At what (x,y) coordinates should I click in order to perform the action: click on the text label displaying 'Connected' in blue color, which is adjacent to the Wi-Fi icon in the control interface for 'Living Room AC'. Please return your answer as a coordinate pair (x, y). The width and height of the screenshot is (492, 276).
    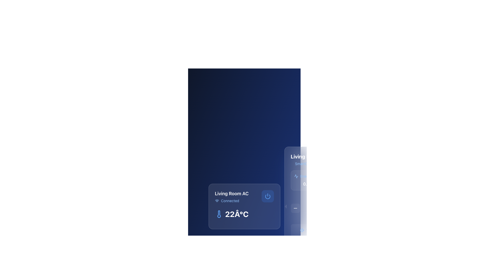
    Looking at the image, I should click on (230, 201).